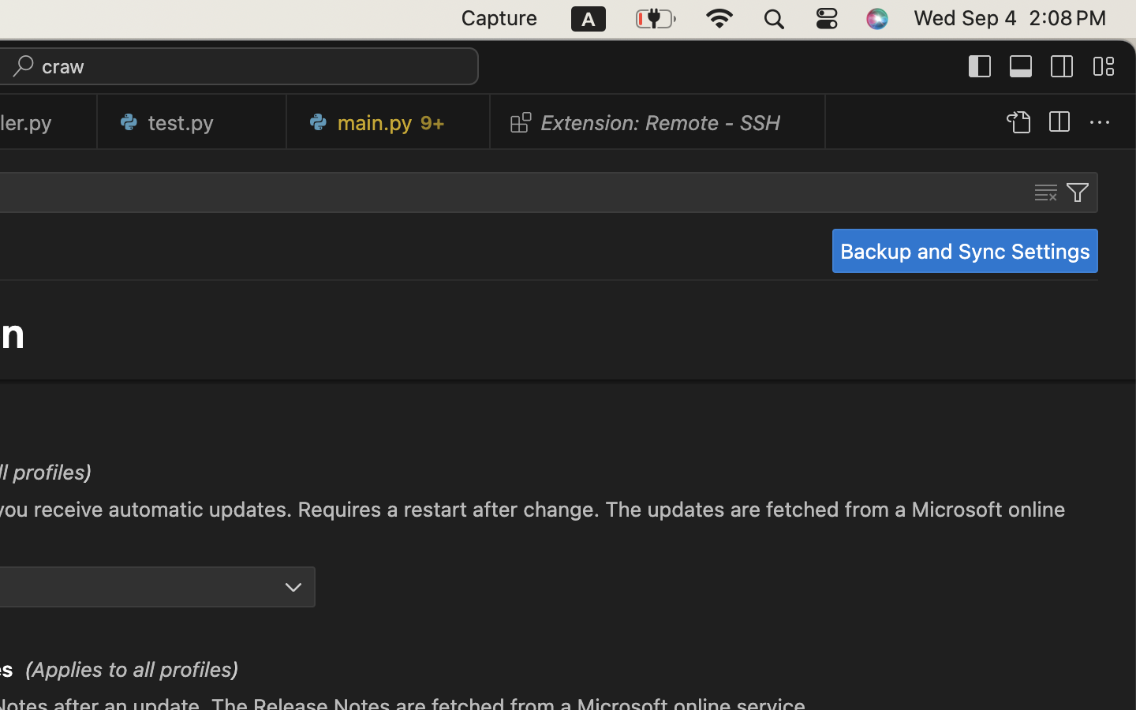 The height and width of the screenshot is (710, 1136). What do you see at coordinates (191, 121) in the screenshot?
I see `'0 test.py  '` at bounding box center [191, 121].